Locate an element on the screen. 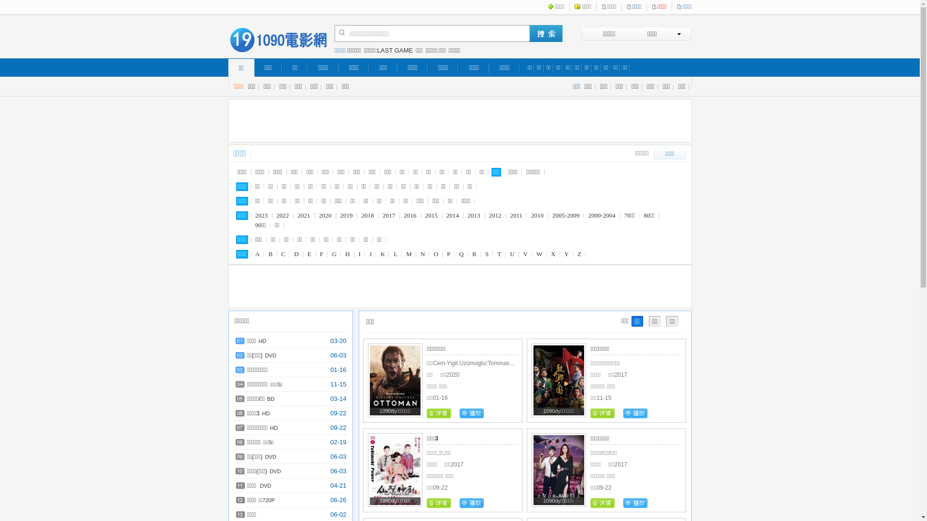 The image size is (927, 521). '2019' is located at coordinates (347, 215).